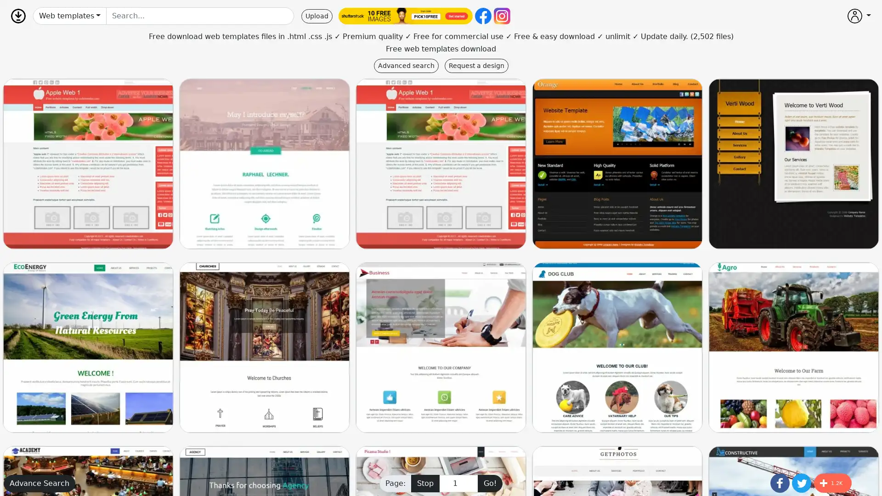 The image size is (882, 496). Describe the element at coordinates (833, 483) in the screenshot. I see `Share to More 1.2K` at that location.